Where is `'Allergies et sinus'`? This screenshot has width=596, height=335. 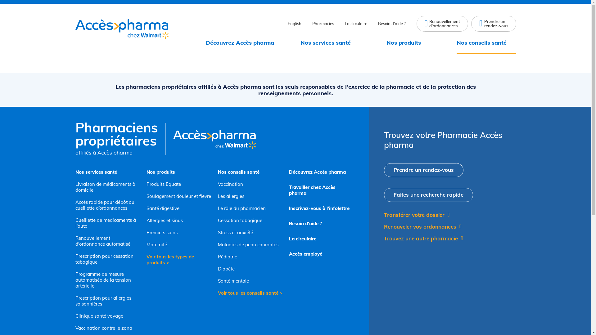
'Allergies et sinus' is located at coordinates (178, 220).